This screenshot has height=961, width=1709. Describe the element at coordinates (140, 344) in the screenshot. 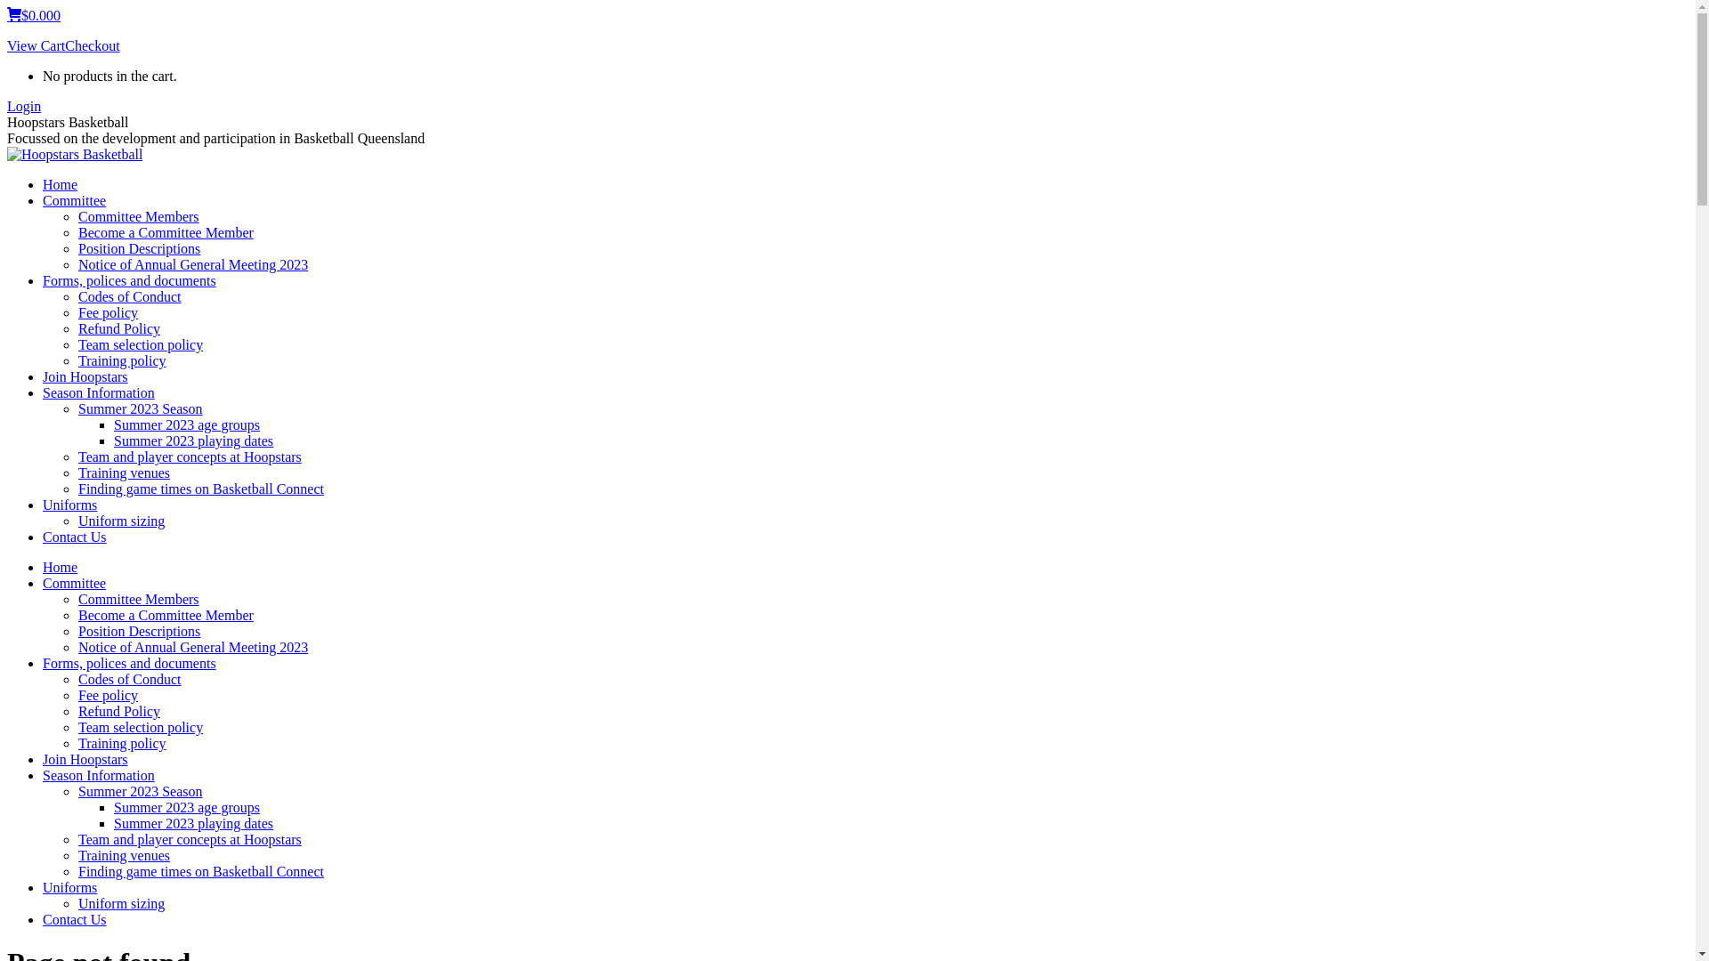

I see `'Team selection policy'` at that location.